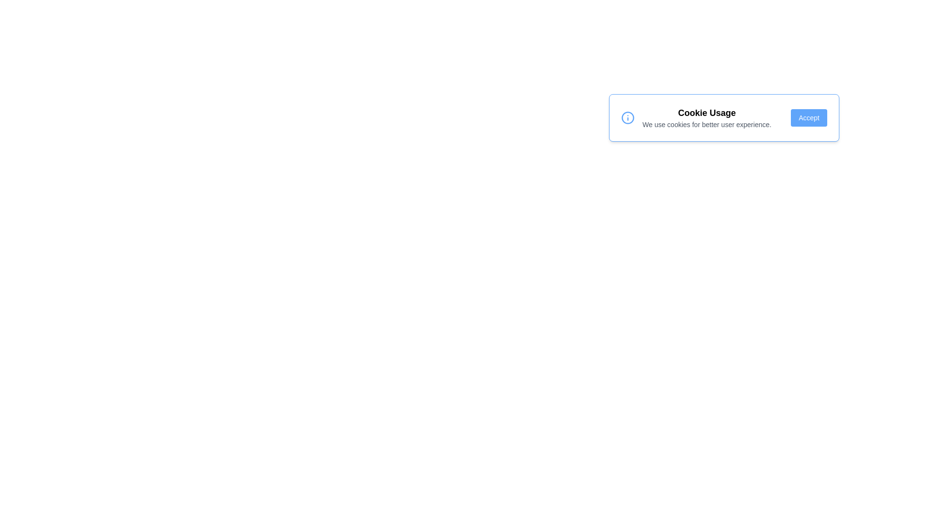 This screenshot has height=524, width=931. What do you see at coordinates (706, 124) in the screenshot?
I see `the text element that reads 'We use cookies for better user experience.' located directly under the 'Cookie Usage' heading in the notification box` at bounding box center [706, 124].